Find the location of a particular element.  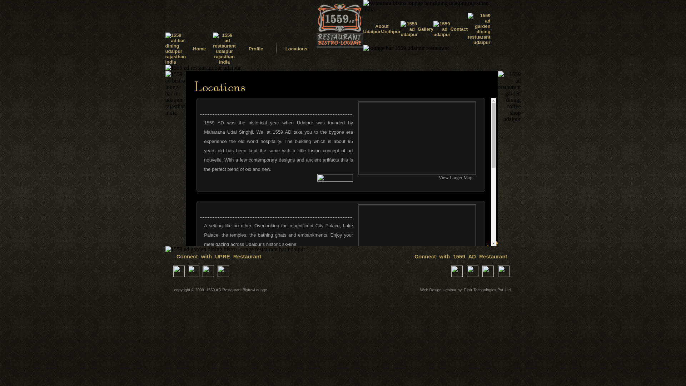

'About Udaipur/Jodhpur' is located at coordinates (363, 29).